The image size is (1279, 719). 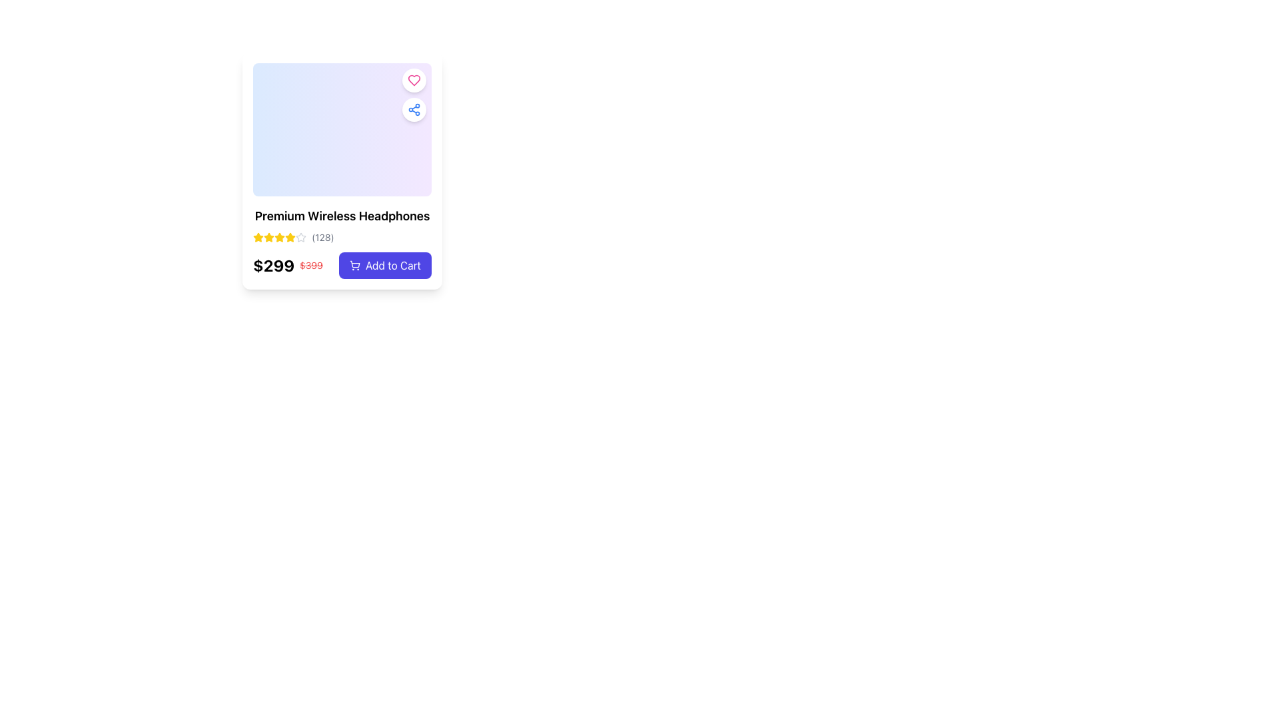 What do you see at coordinates (290, 236) in the screenshot?
I see `the third star icon in the rating system for 'Premium Wireless Headphones'` at bounding box center [290, 236].